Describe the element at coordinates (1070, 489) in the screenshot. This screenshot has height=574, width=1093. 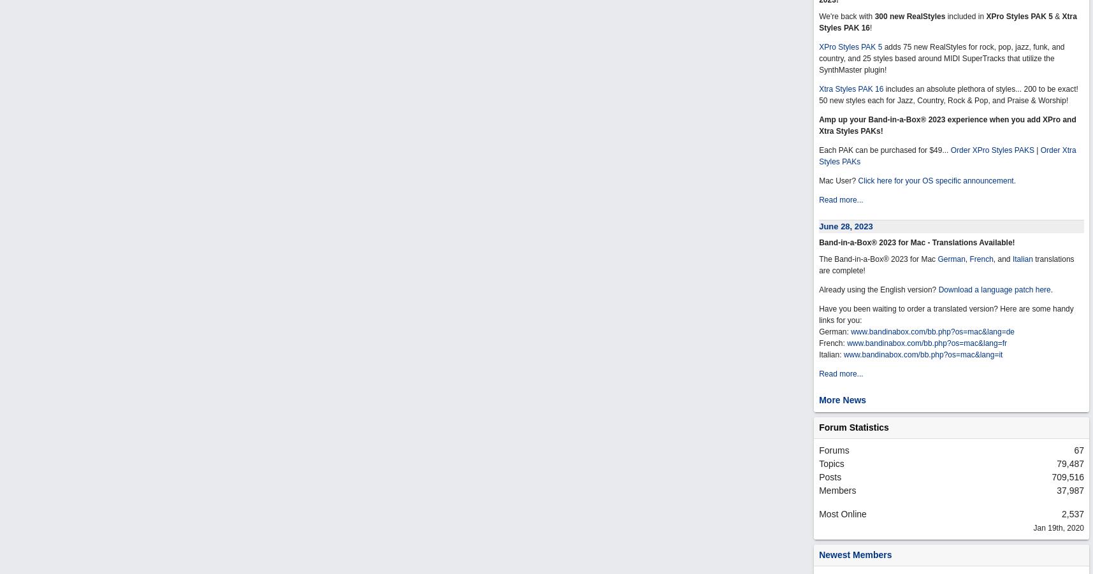
I see `'37,987'` at that location.